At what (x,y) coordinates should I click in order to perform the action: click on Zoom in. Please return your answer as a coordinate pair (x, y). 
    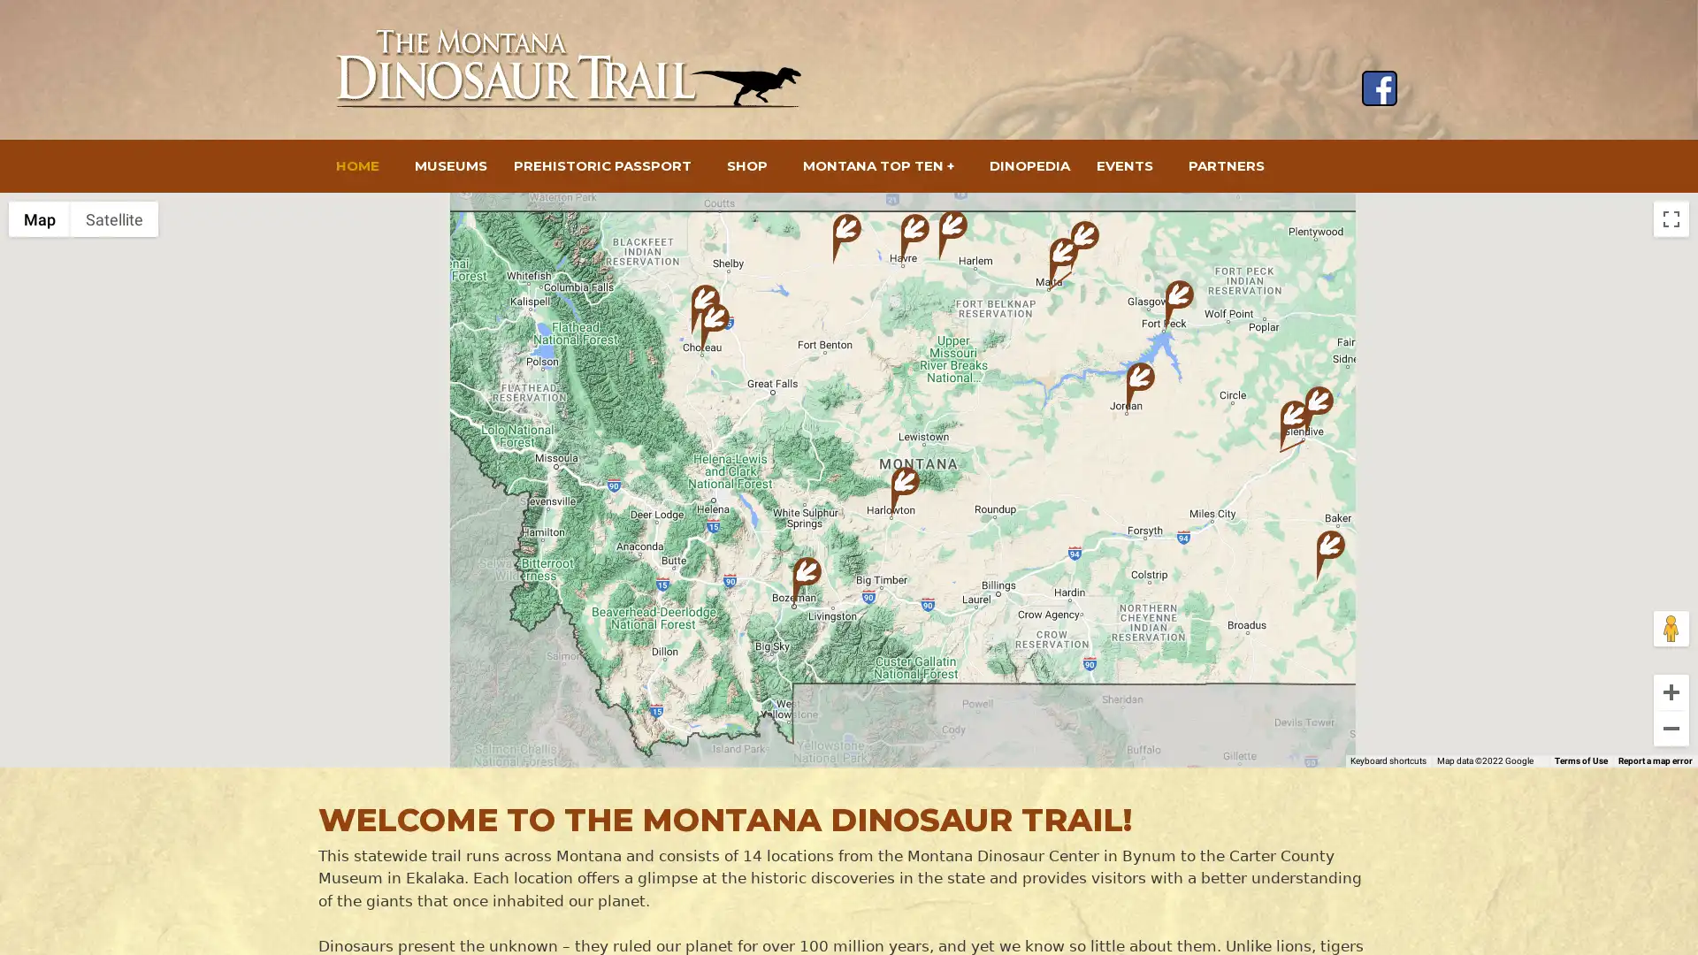
    Looking at the image, I should click on (1671, 691).